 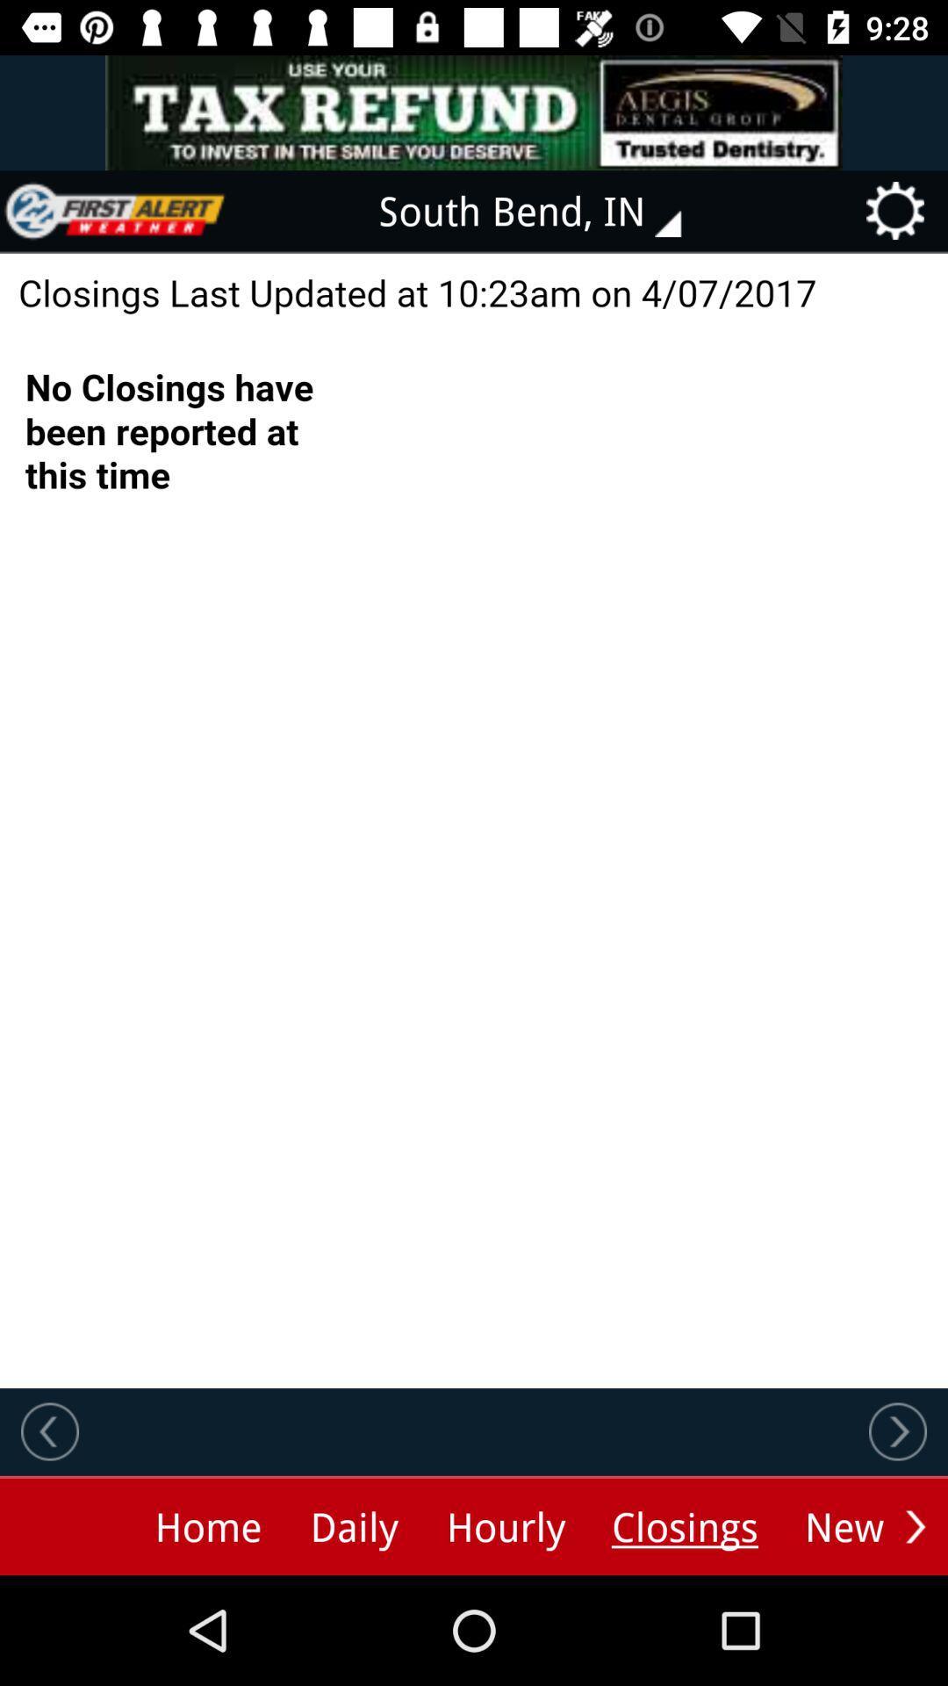 I want to click on advertisement, so click(x=474, y=112).